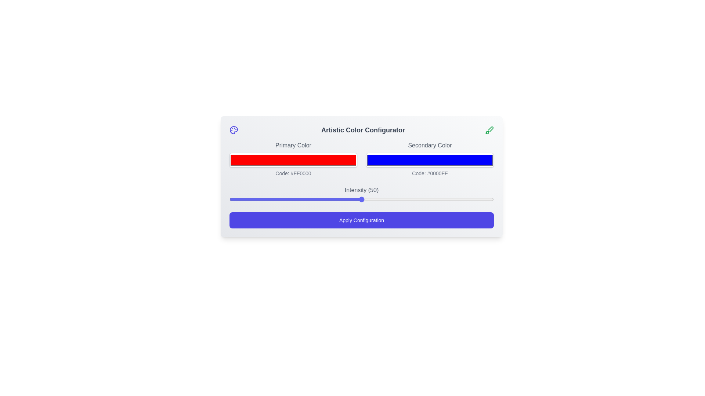  What do you see at coordinates (367, 199) in the screenshot?
I see `the intensity to 52 using the slider control` at bounding box center [367, 199].